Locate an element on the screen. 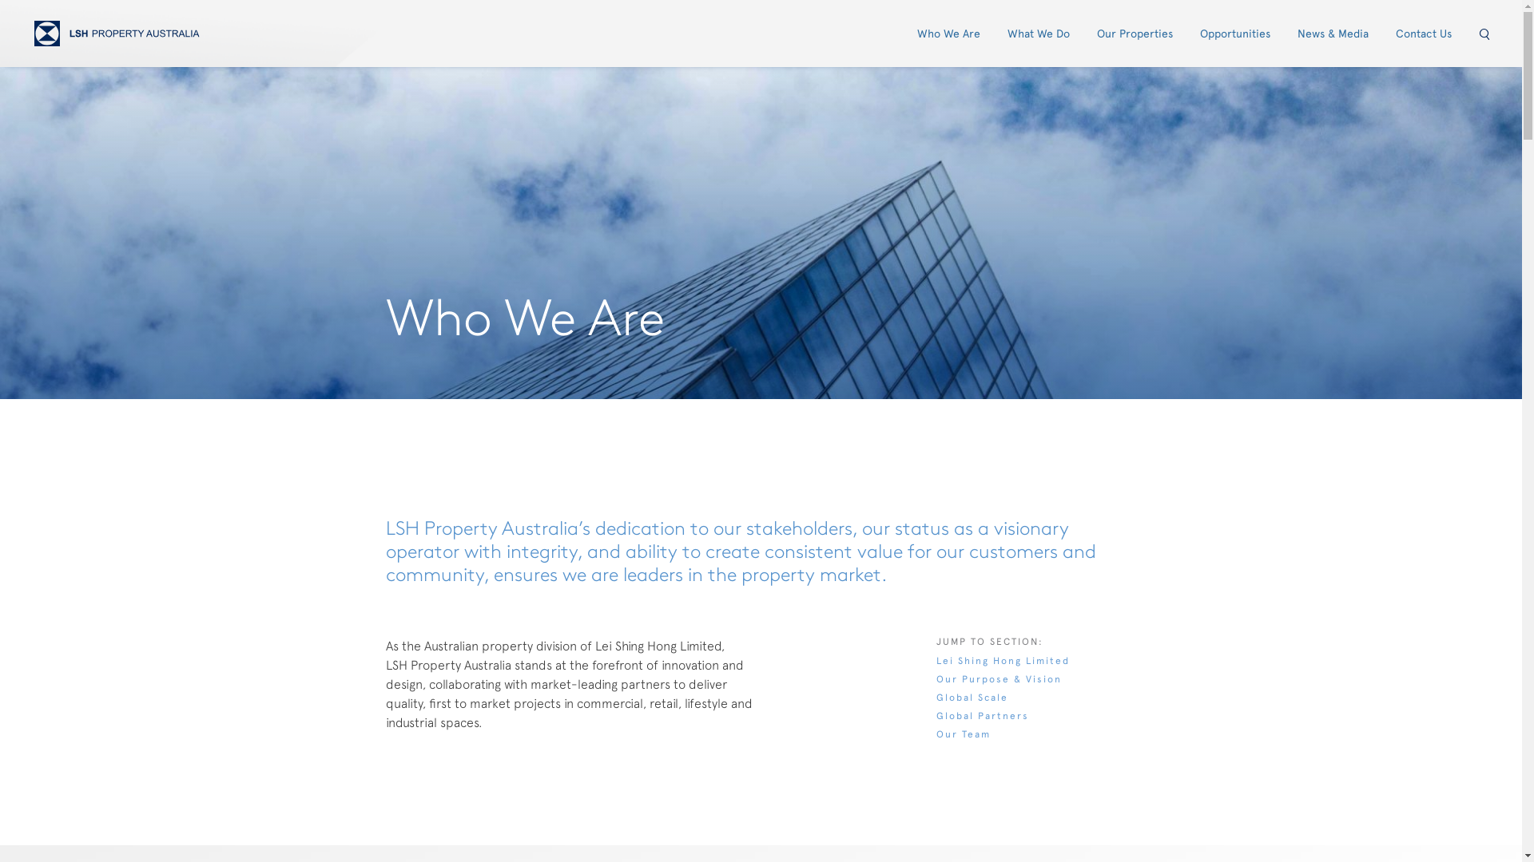 This screenshot has width=1534, height=862. 'Who We Are' is located at coordinates (948, 34).